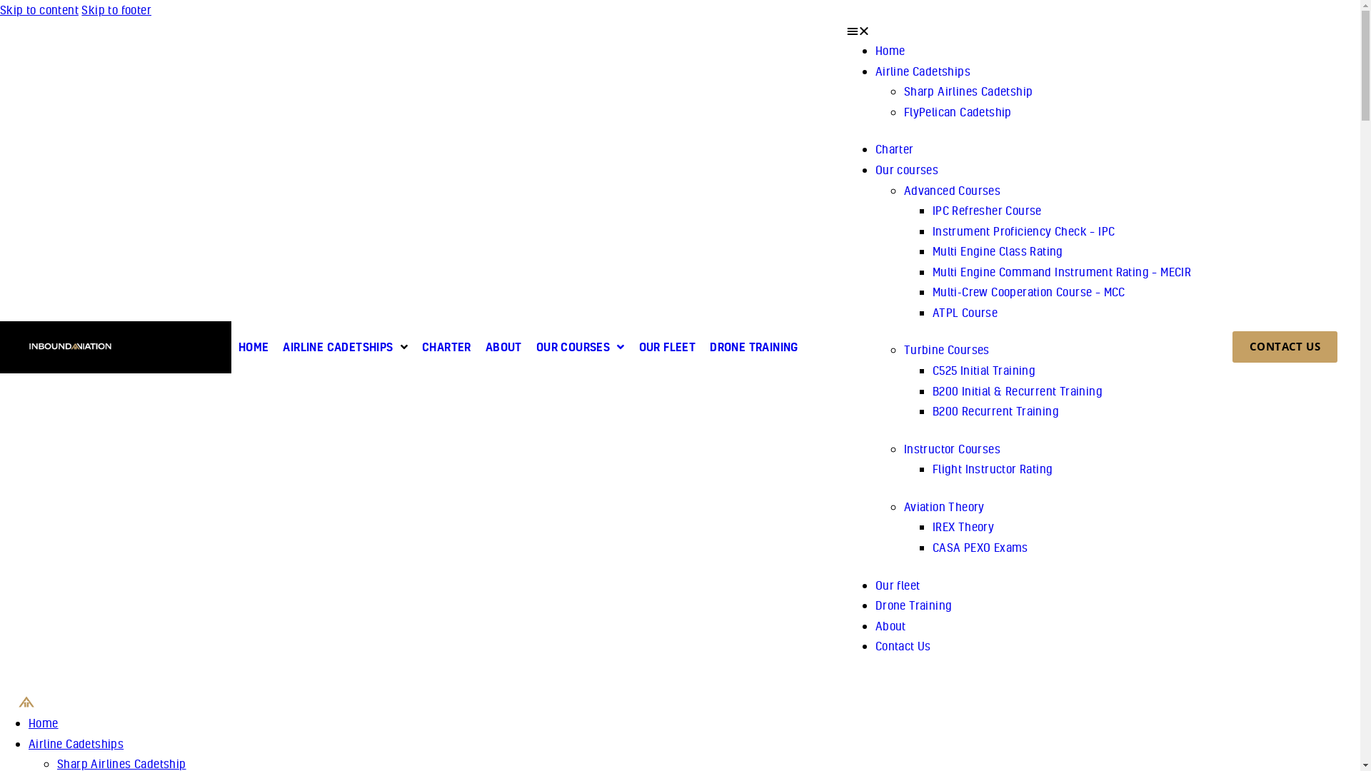  What do you see at coordinates (963, 526) in the screenshot?
I see `'IREX Theory'` at bounding box center [963, 526].